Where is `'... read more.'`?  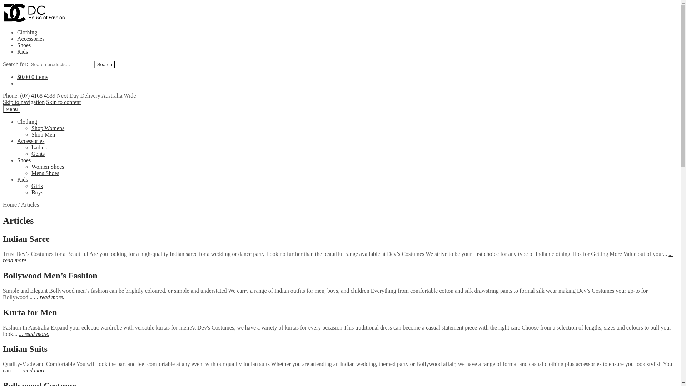 '... read more.' is located at coordinates (34, 297).